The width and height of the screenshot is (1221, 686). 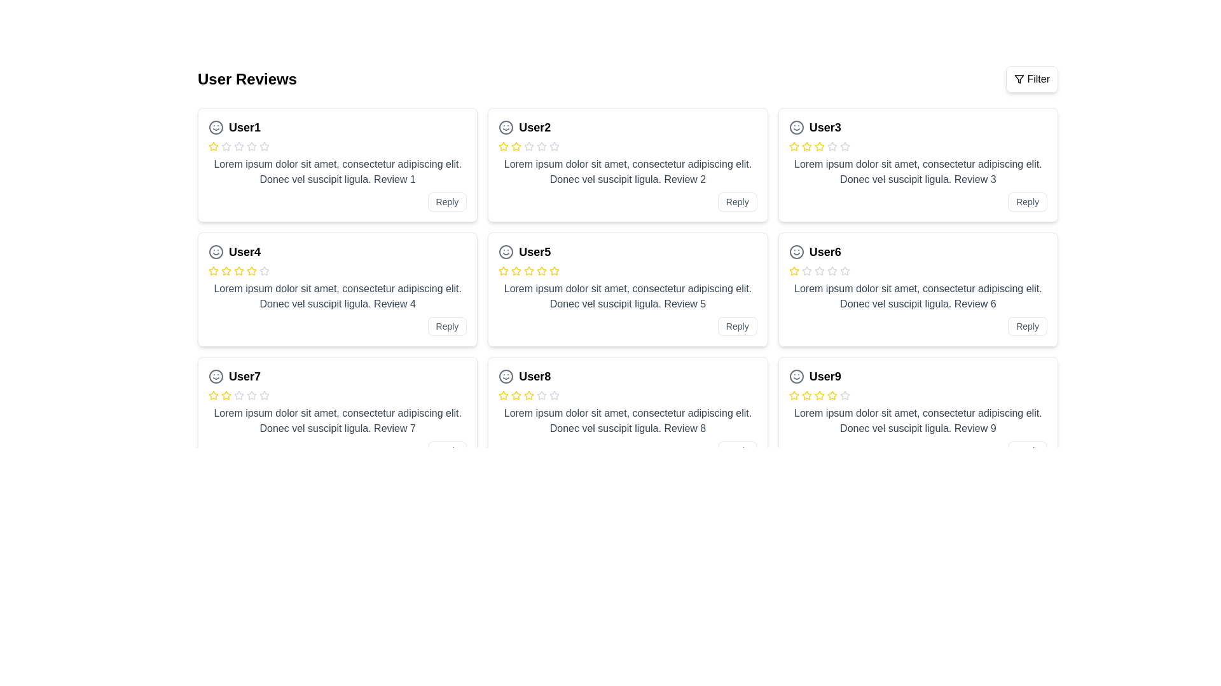 I want to click on the stars in the user review card containing the username 'User4' and a 4-star rating, so click(x=338, y=289).